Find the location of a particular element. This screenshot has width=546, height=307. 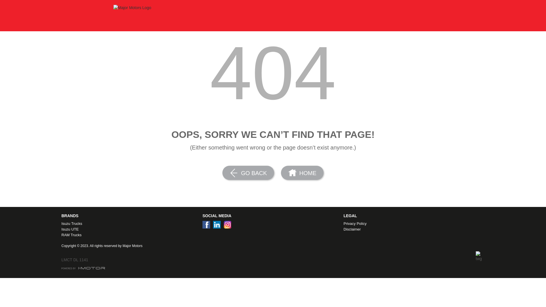

'Privacy Policy' is located at coordinates (343, 223).